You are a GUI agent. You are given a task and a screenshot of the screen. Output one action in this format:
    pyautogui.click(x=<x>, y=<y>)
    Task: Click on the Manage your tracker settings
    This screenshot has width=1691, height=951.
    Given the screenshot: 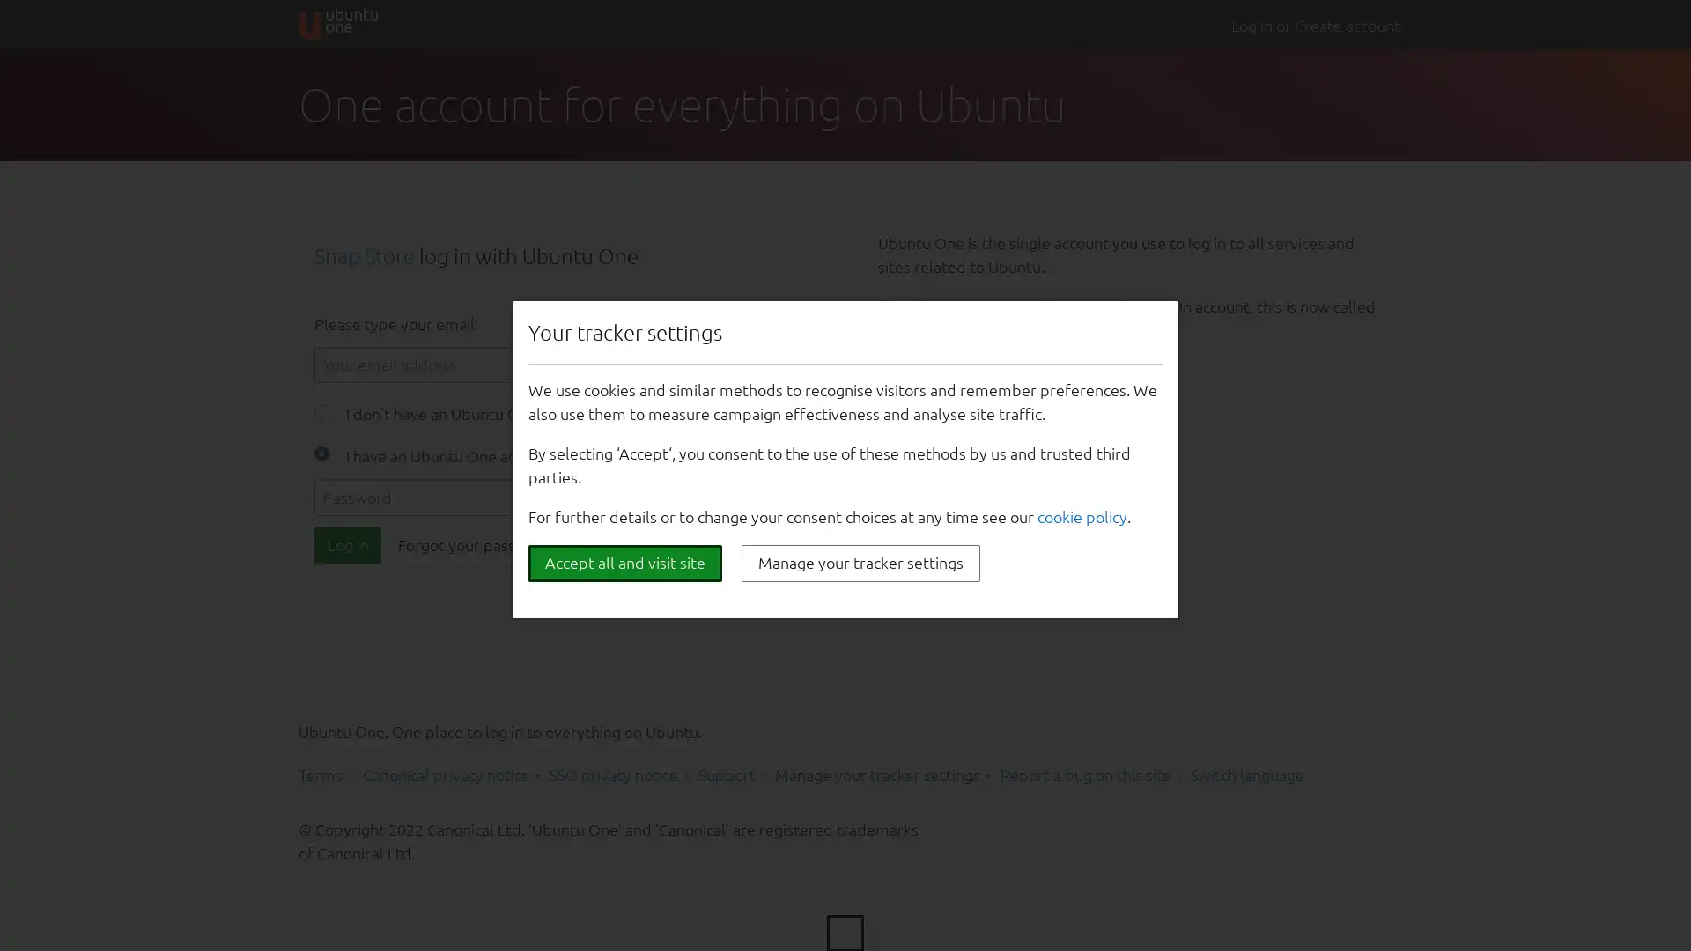 What is the action you would take?
    pyautogui.click(x=860, y=563)
    